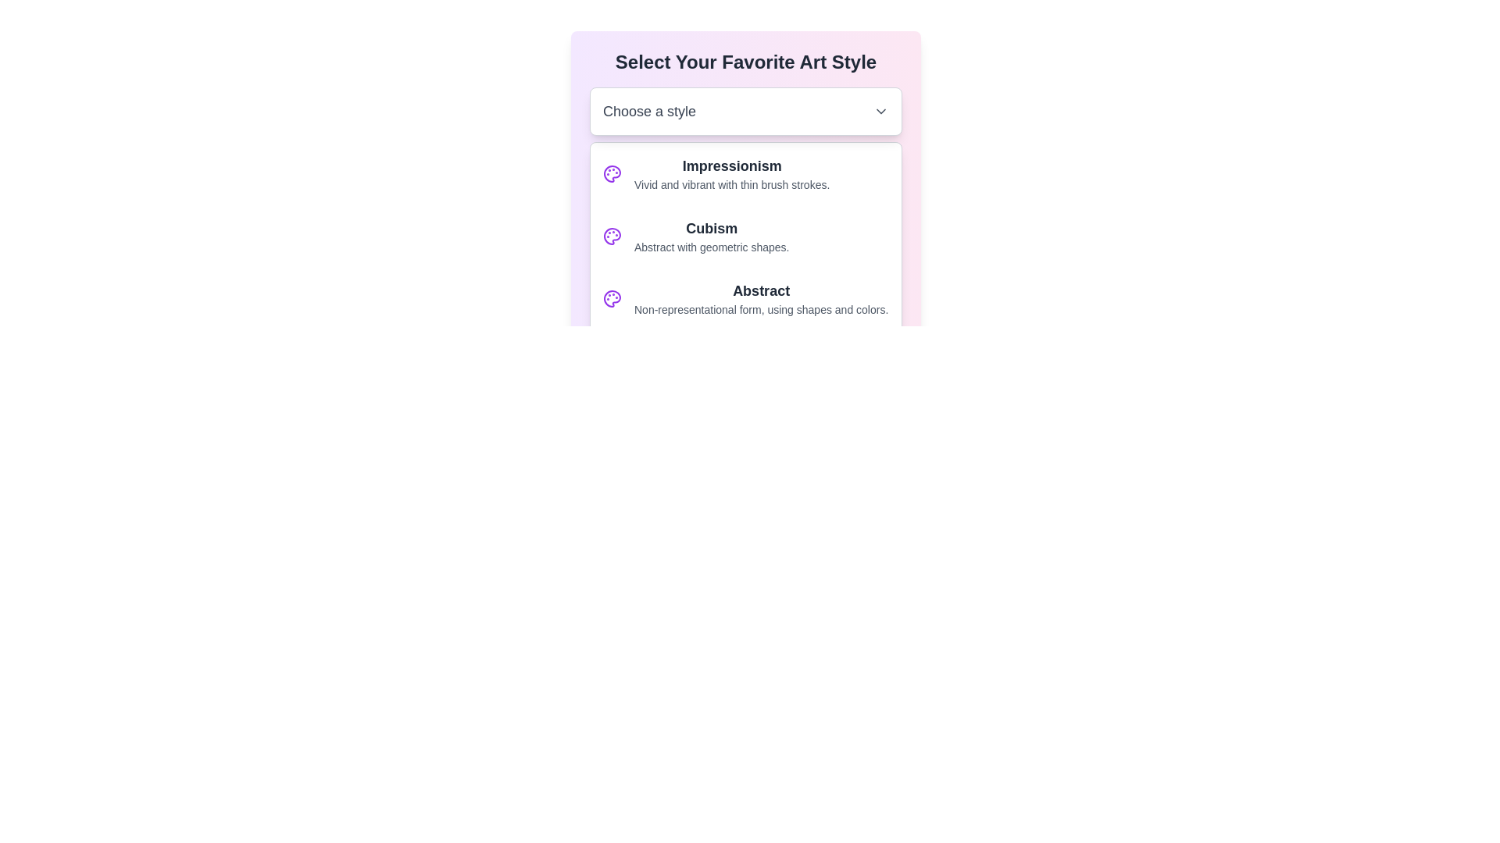 The image size is (1500, 843). I want to click on the dropdown menu icon located on the right side of the 'Choose a style' label, so click(881, 110).